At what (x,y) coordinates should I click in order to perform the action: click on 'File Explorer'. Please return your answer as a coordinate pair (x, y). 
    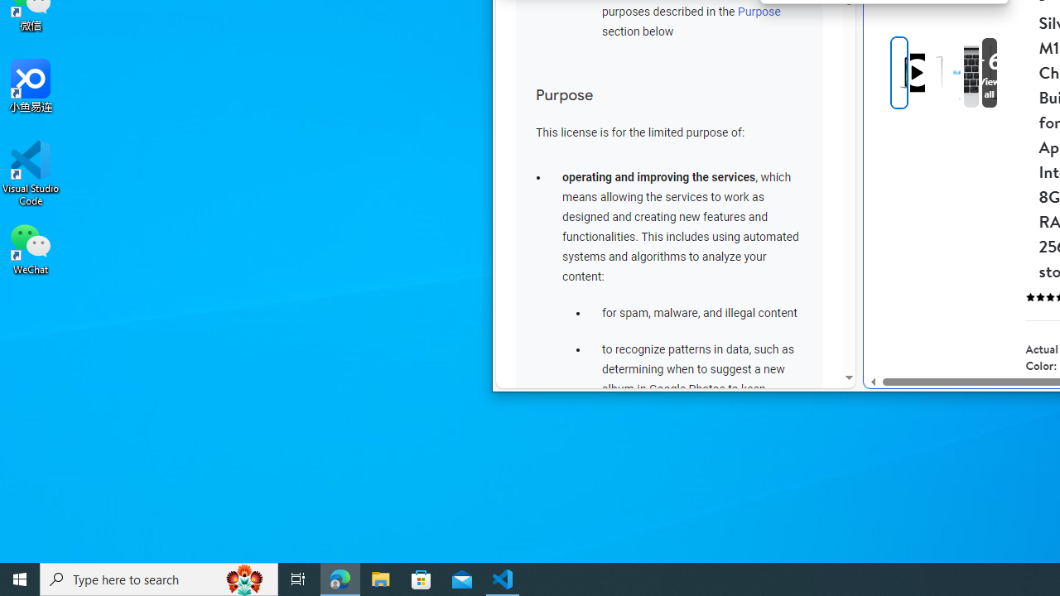
    Looking at the image, I should click on (380, 578).